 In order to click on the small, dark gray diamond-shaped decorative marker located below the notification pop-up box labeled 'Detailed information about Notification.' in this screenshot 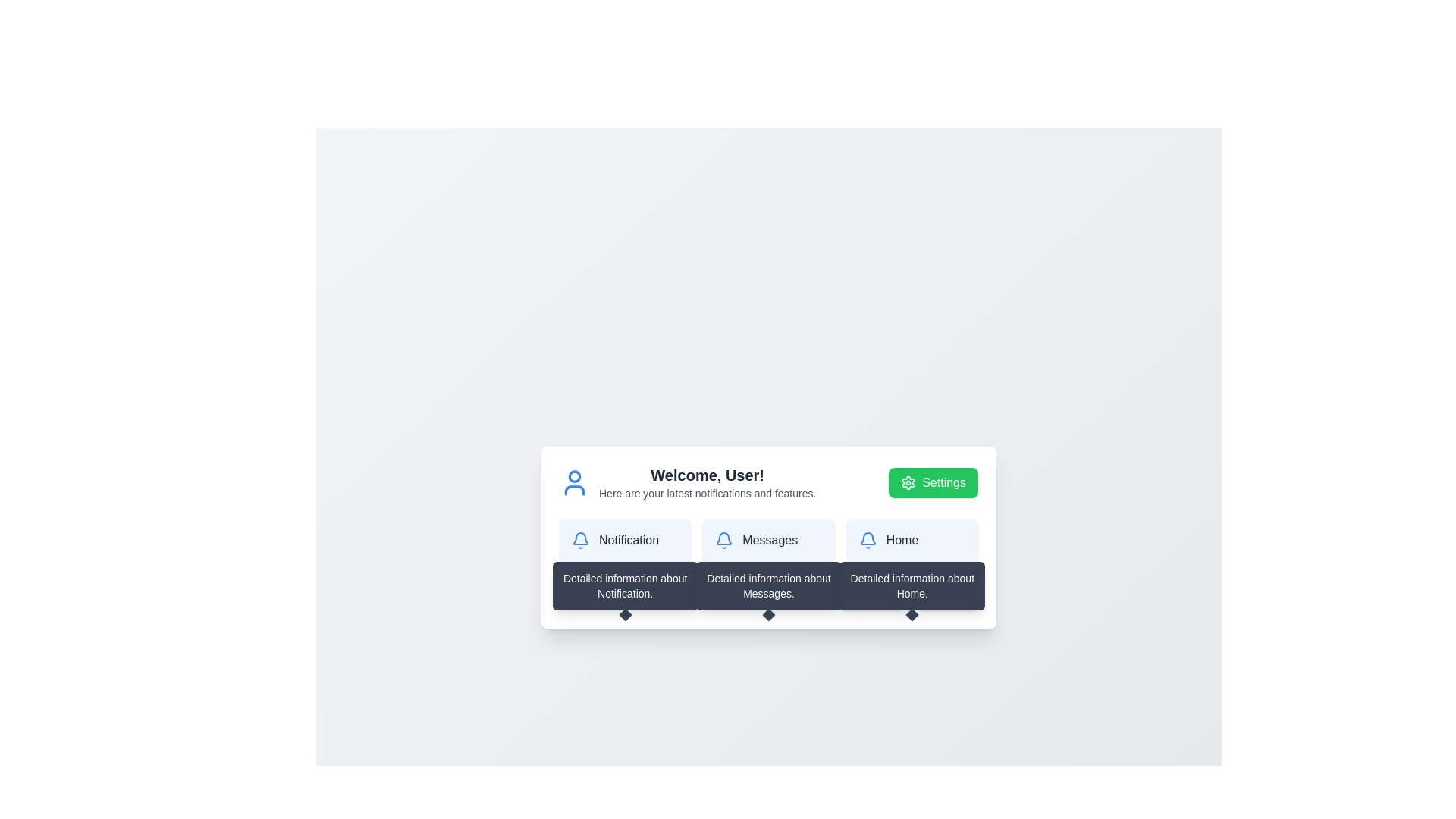, I will do `click(625, 614)`.